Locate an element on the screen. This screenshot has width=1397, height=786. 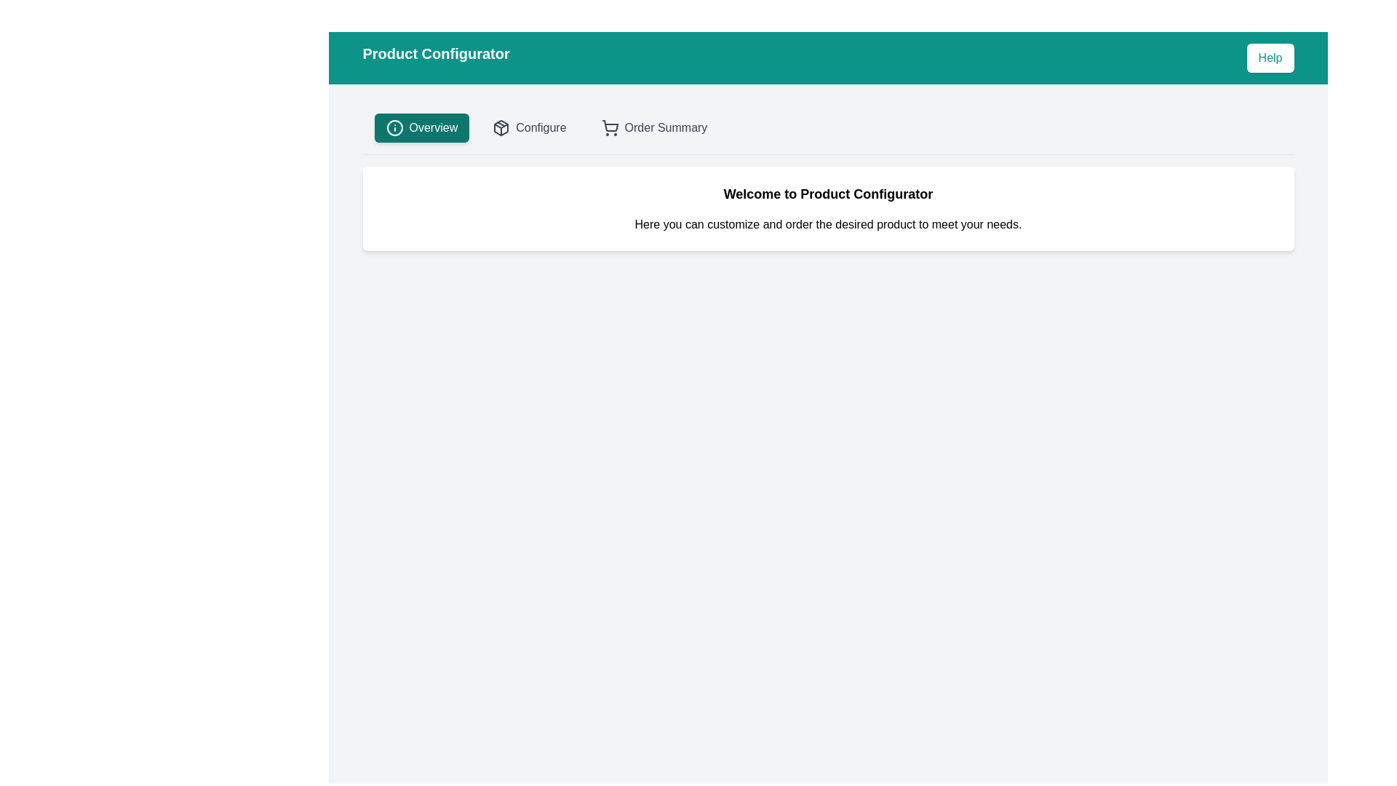
the 'Overview' menu button labeled in white on a teal background, located at the top of the interface as the first element in the navigation menu is located at coordinates (432, 127).